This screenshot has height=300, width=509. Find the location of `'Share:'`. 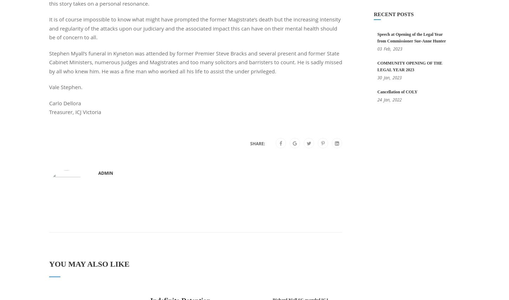

'Share:' is located at coordinates (257, 143).